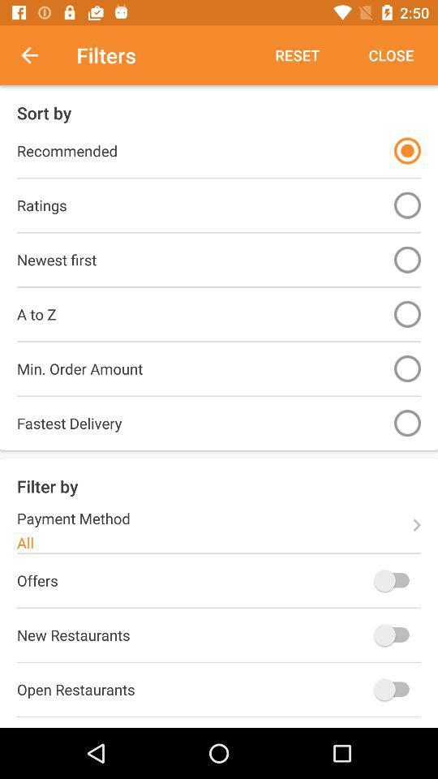 The image size is (438, 779). Describe the element at coordinates (296, 55) in the screenshot. I see `the reset` at that location.